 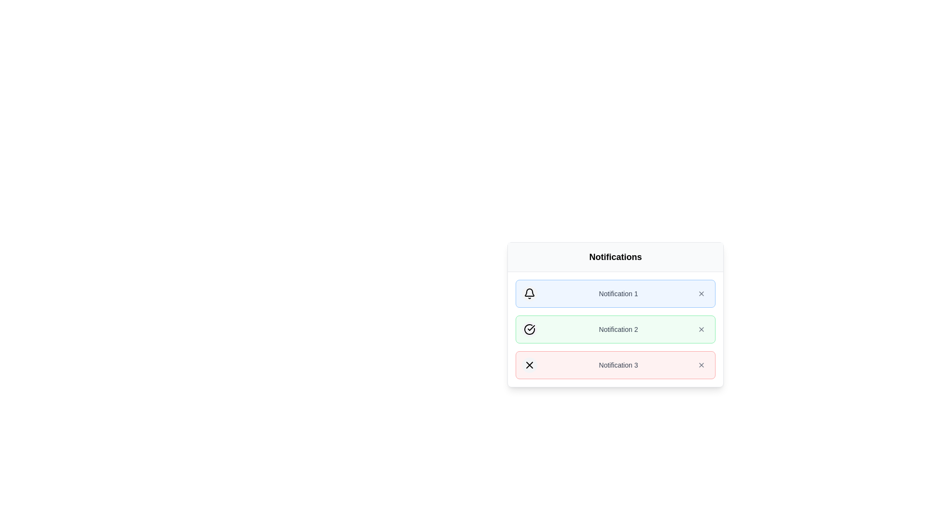 I want to click on the dismiss button located at the far right of the row displaying 'Notification 3', so click(x=702, y=365).